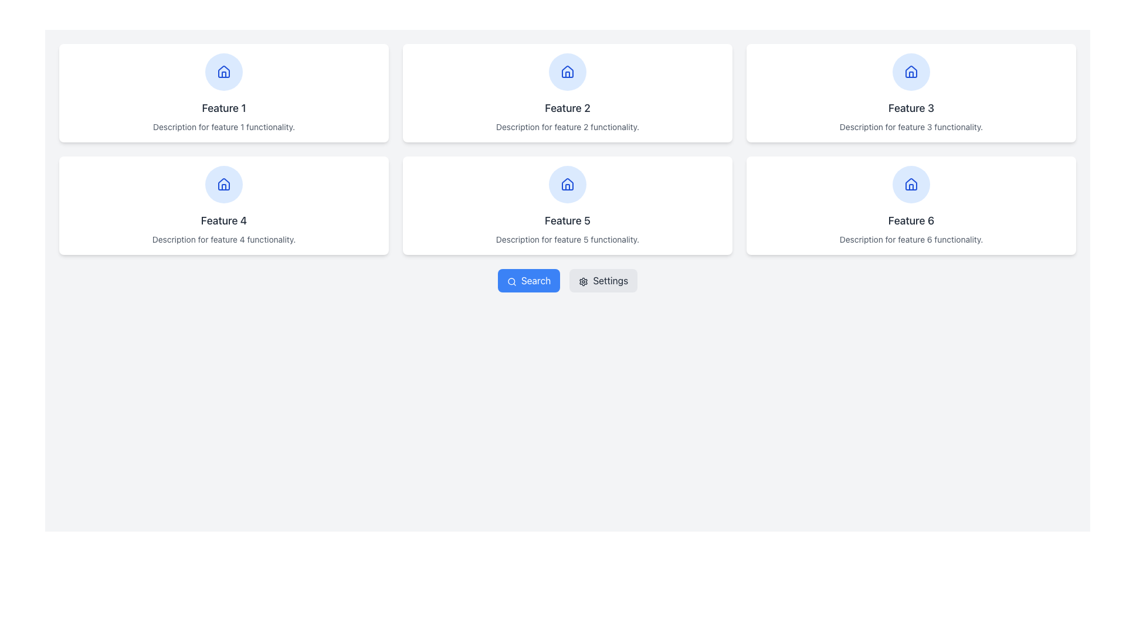  What do you see at coordinates (568, 92) in the screenshot?
I see `the house icon on the Feature 2 card, which is the second card in the first row of the grid layout` at bounding box center [568, 92].